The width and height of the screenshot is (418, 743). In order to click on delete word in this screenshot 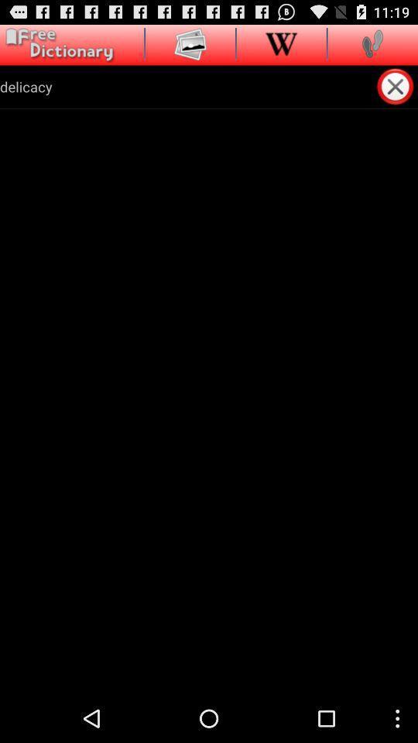, I will do `click(396, 86)`.